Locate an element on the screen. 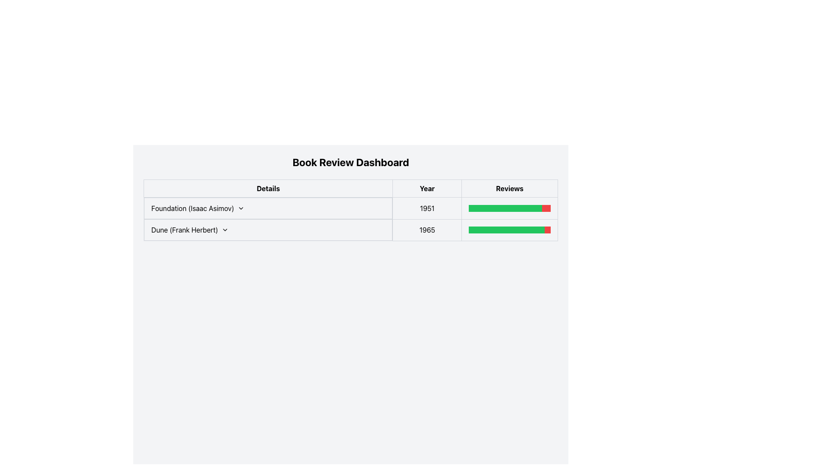  the static text element representing the publication year (1951) of the book 'Foundation', located in the second cell of the first row under the 'Year' column is located at coordinates (427, 208).